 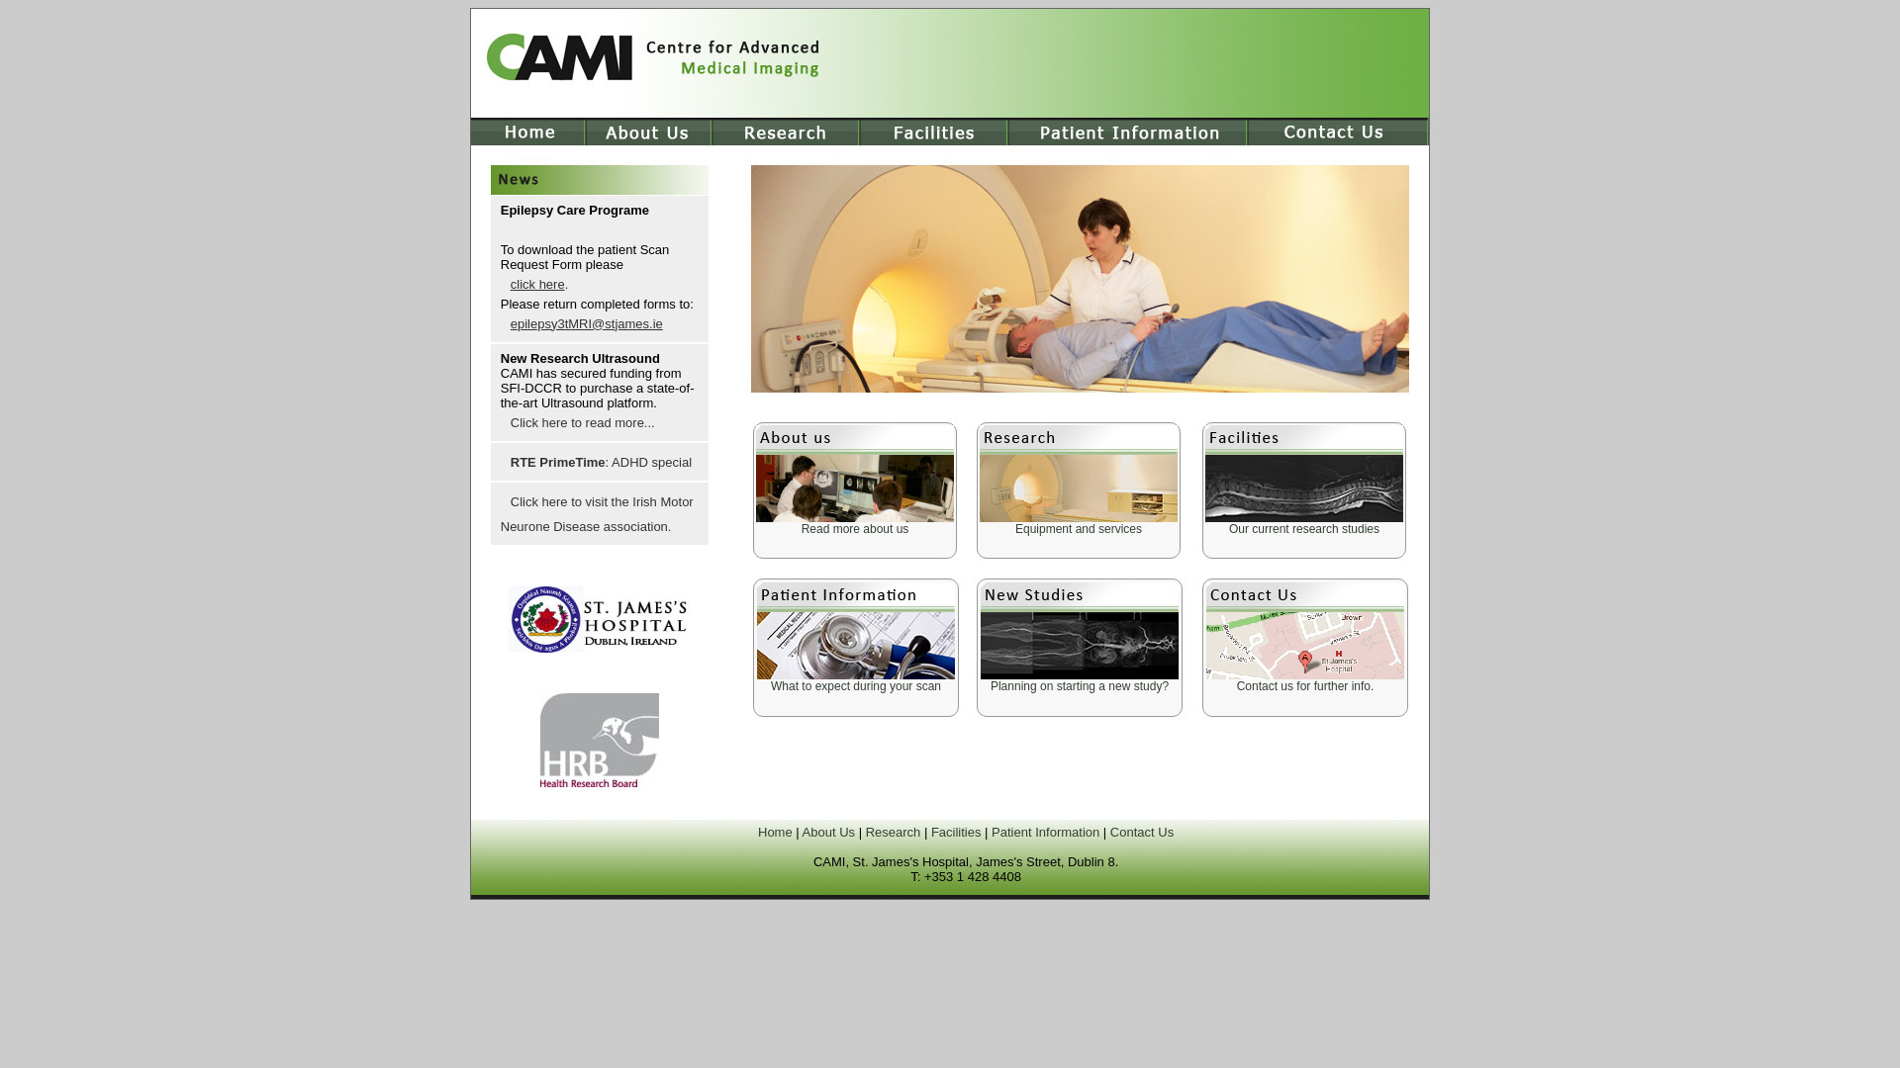 What do you see at coordinates (1305, 685) in the screenshot?
I see `'Contact us for further info.'` at bounding box center [1305, 685].